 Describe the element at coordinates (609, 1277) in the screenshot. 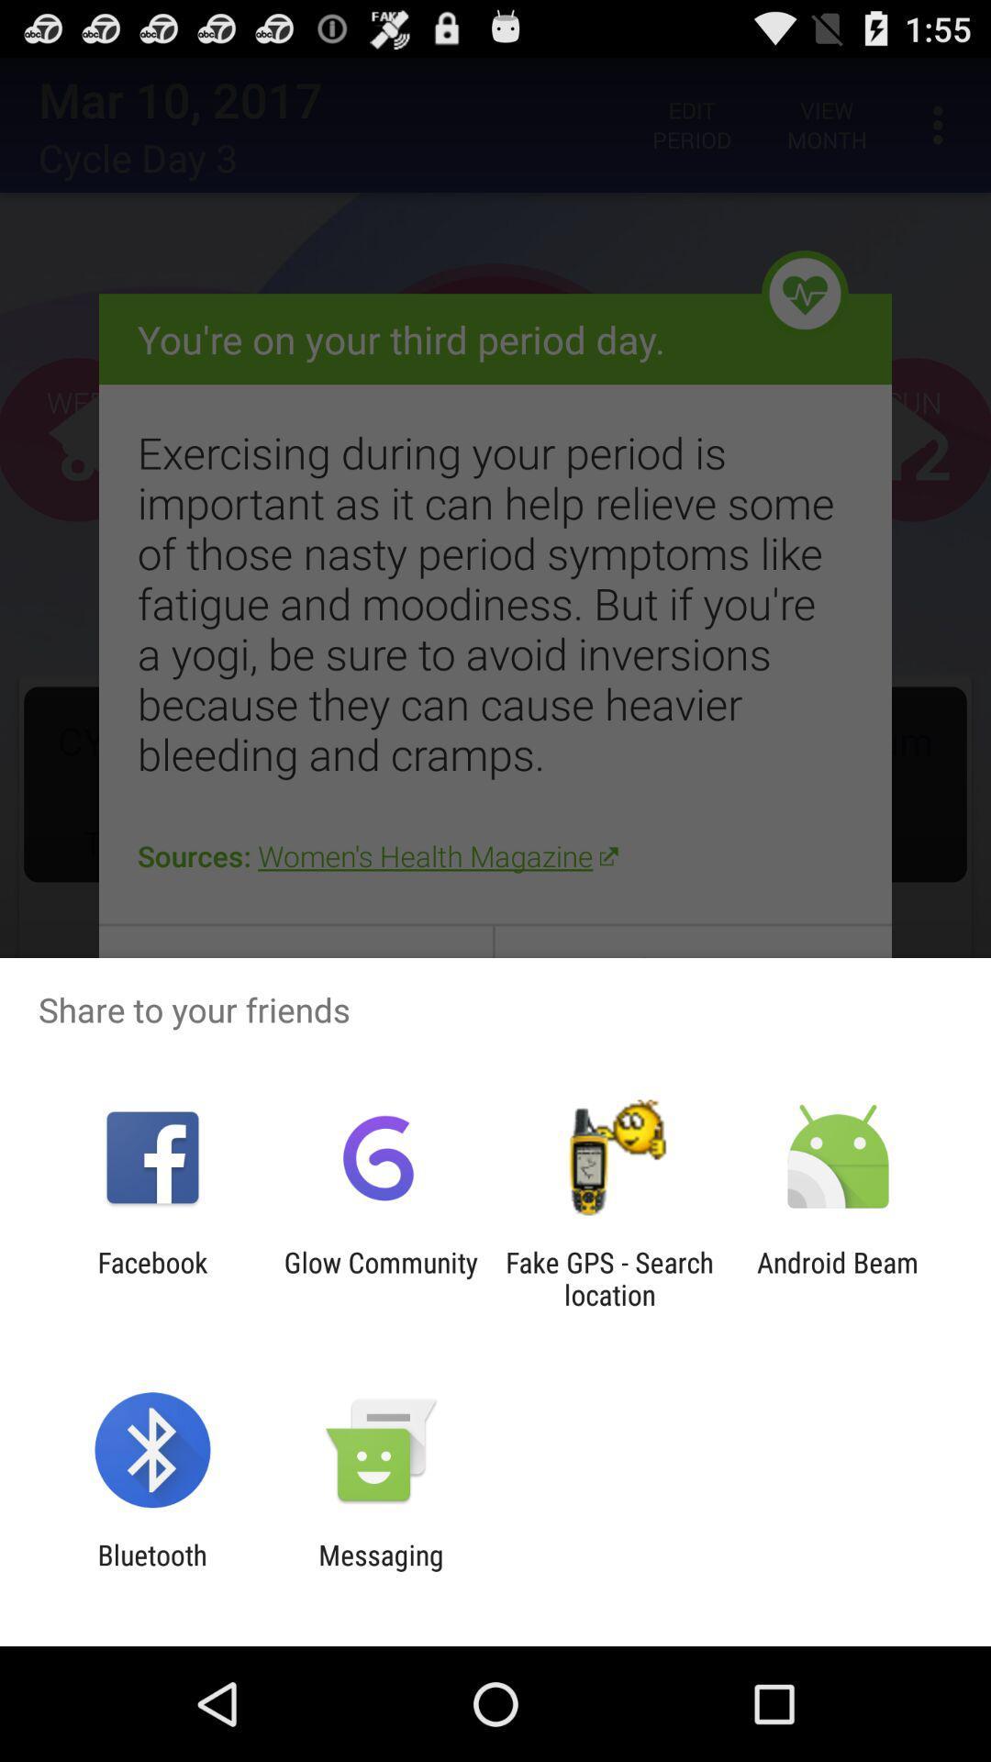

I see `app next to the android beam` at that location.